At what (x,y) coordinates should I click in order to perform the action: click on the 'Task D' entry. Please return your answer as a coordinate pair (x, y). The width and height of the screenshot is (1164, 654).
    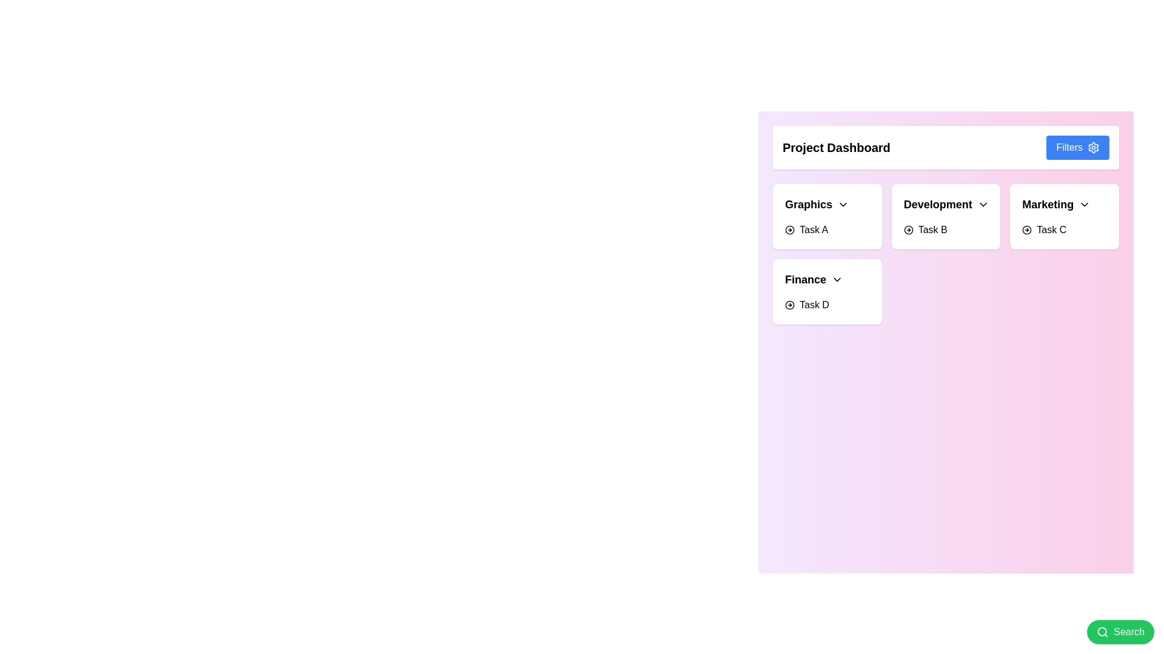
    Looking at the image, I should click on (807, 305).